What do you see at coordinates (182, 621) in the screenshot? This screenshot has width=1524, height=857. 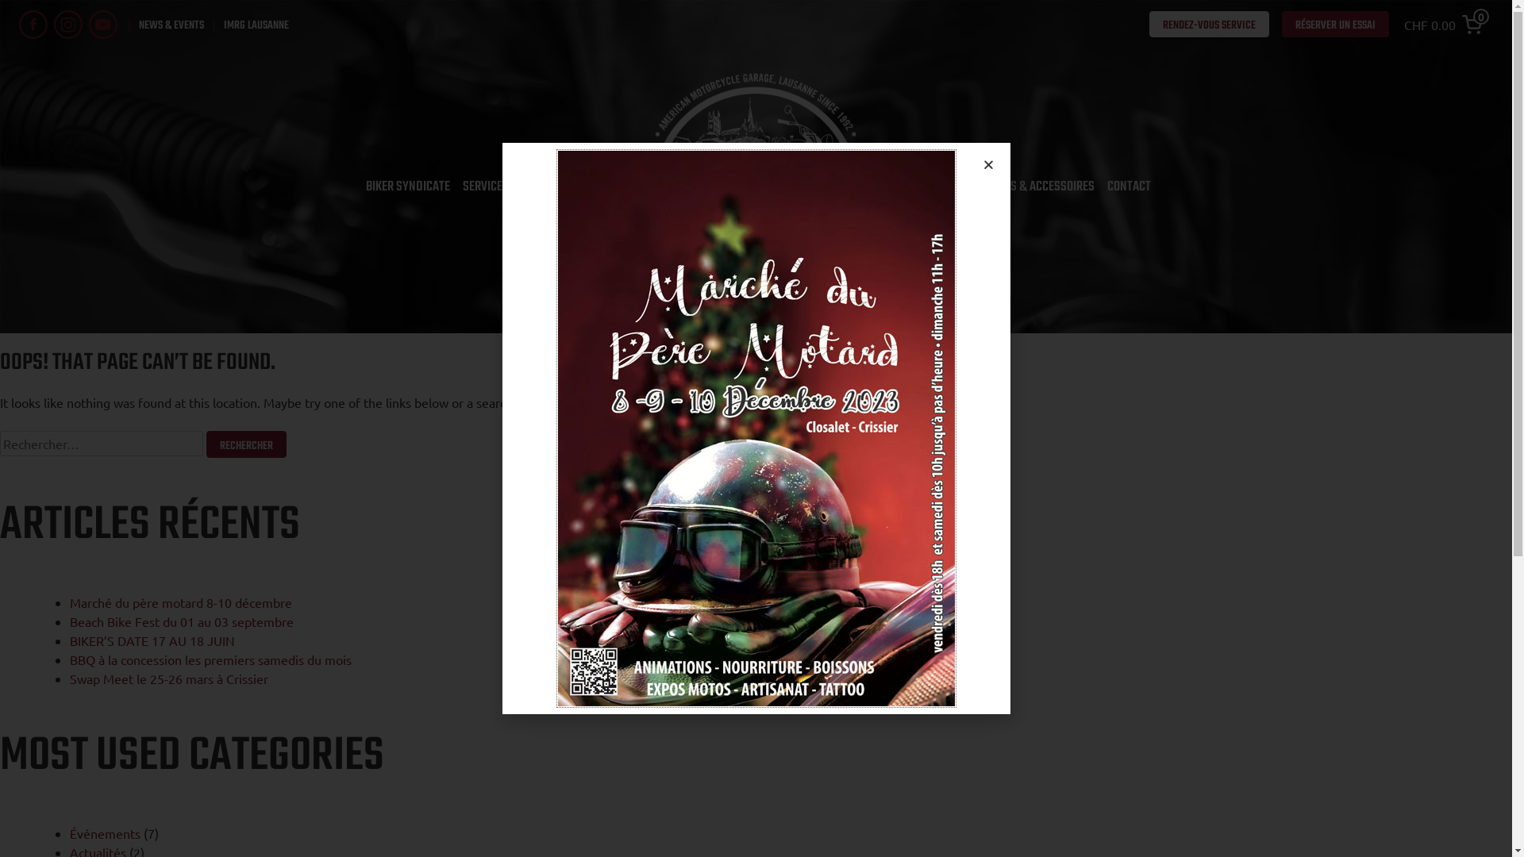 I see `'Beach Bike Fest du 01 au 03 septembre'` at bounding box center [182, 621].